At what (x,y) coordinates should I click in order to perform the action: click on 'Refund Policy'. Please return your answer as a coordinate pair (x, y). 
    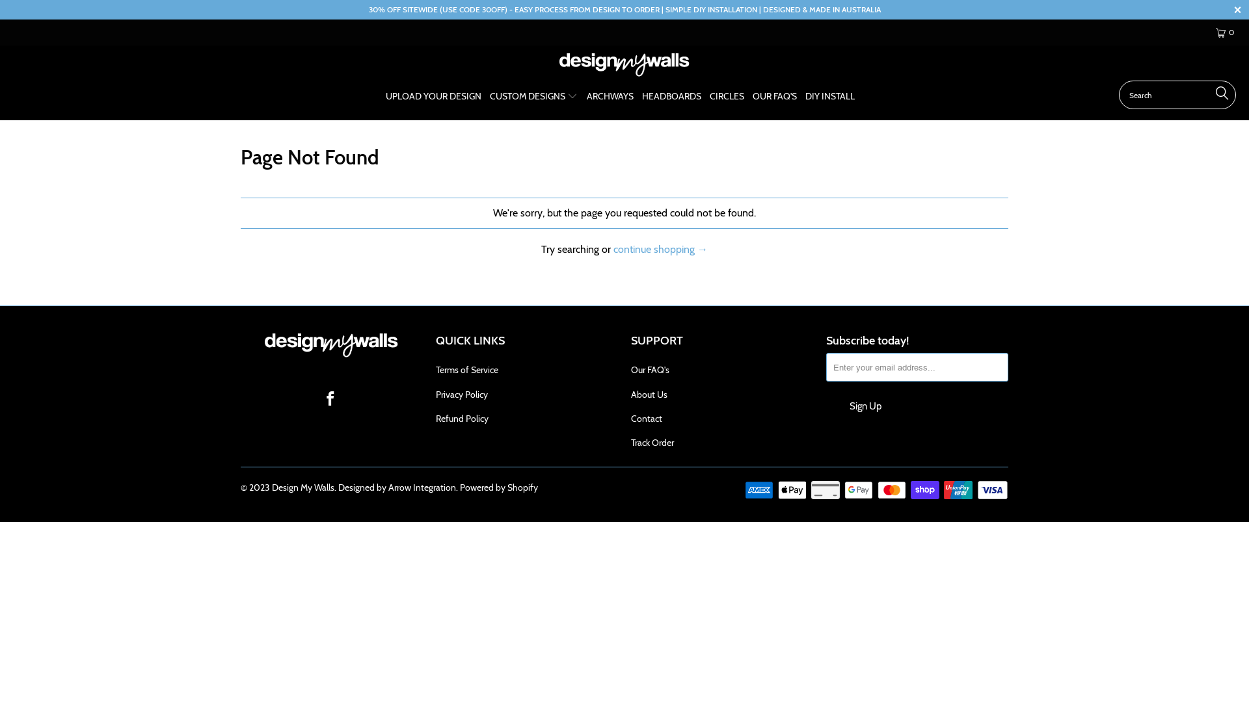
    Looking at the image, I should click on (462, 419).